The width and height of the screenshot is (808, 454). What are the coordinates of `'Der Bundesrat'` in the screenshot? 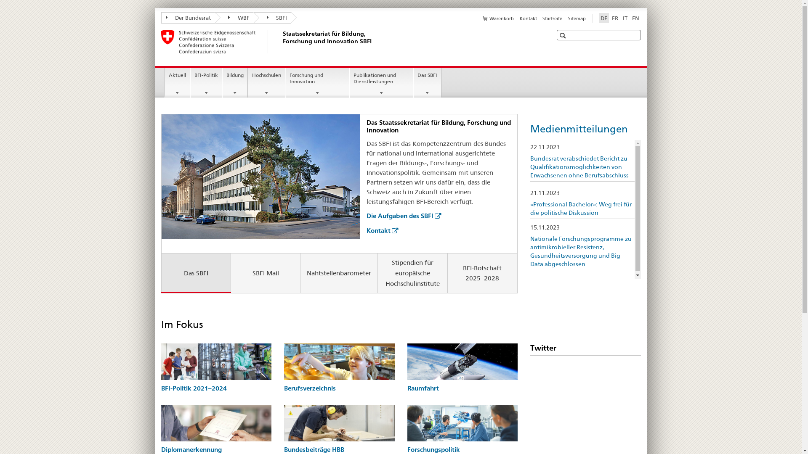 It's located at (161, 18).